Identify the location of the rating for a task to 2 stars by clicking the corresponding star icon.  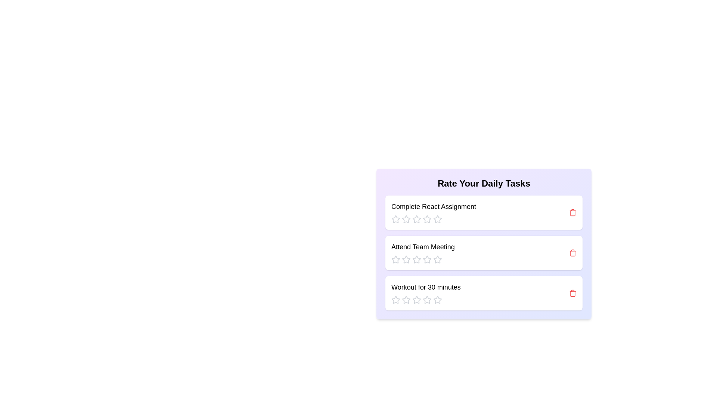
(406, 219).